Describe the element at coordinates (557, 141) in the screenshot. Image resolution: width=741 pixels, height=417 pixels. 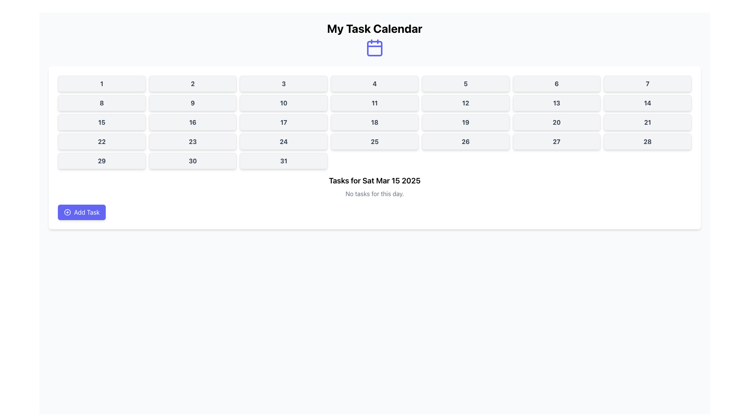
I see `the button representing the selectable date in the 4th row and 6th column of the grid layout` at that location.